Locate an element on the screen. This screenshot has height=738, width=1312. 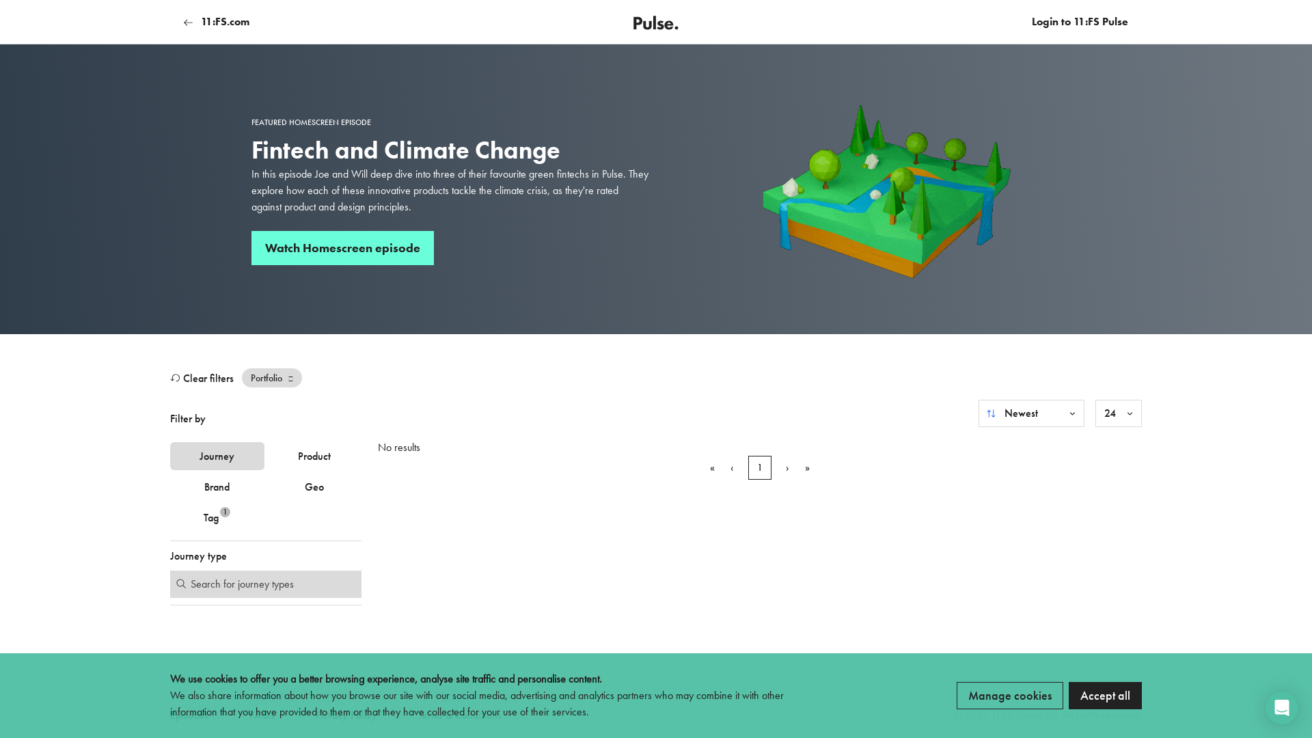
'Manage cookies' is located at coordinates (1010, 696).